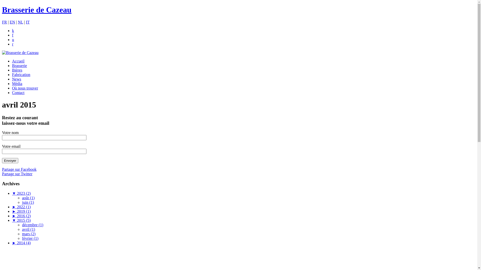 The image size is (481, 270). I want to click on 'k', so click(13, 30).